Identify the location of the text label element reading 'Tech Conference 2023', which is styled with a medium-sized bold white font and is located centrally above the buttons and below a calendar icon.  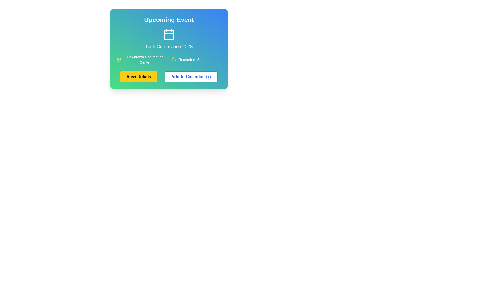
(169, 46).